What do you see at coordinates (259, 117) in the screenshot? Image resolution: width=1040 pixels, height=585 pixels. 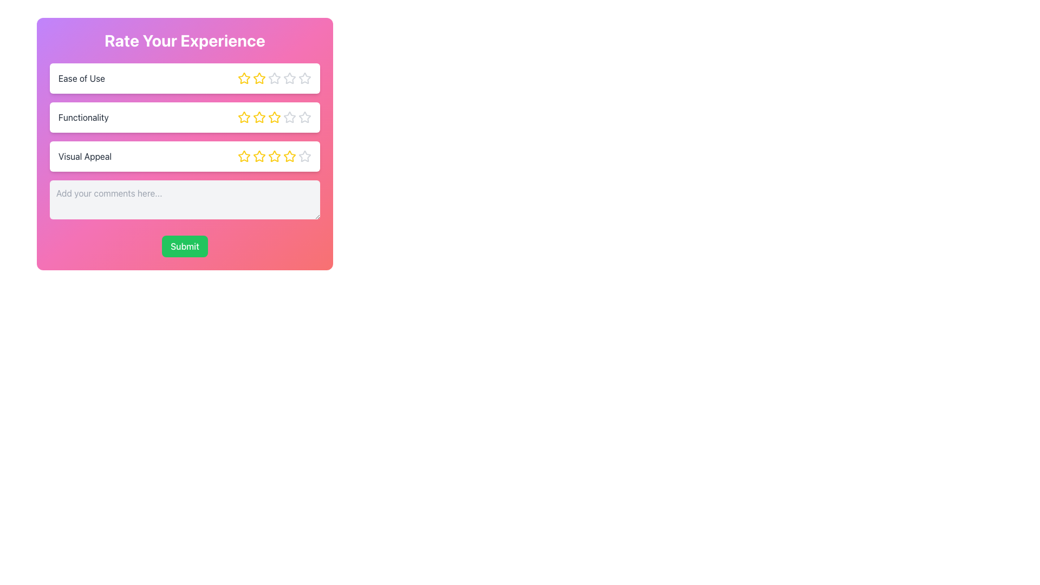 I see `the second hollow yellow star icon in the Functionality rating section of the rating system` at bounding box center [259, 117].